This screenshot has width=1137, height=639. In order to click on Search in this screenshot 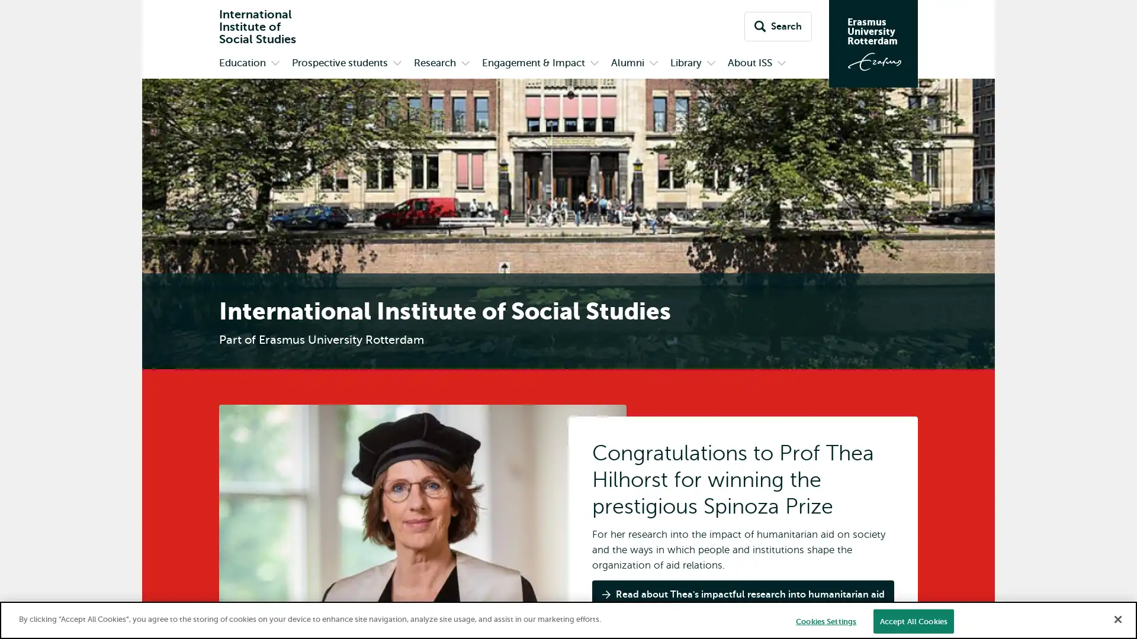, I will do `click(778, 27)`.